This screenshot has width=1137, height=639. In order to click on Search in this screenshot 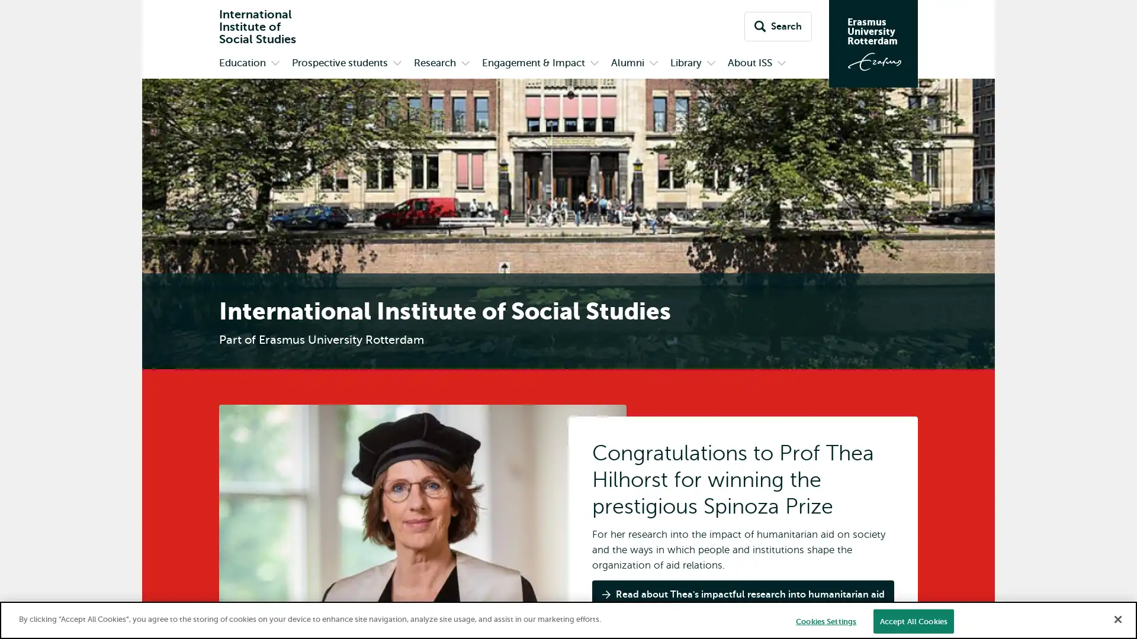, I will do `click(778, 27)`.